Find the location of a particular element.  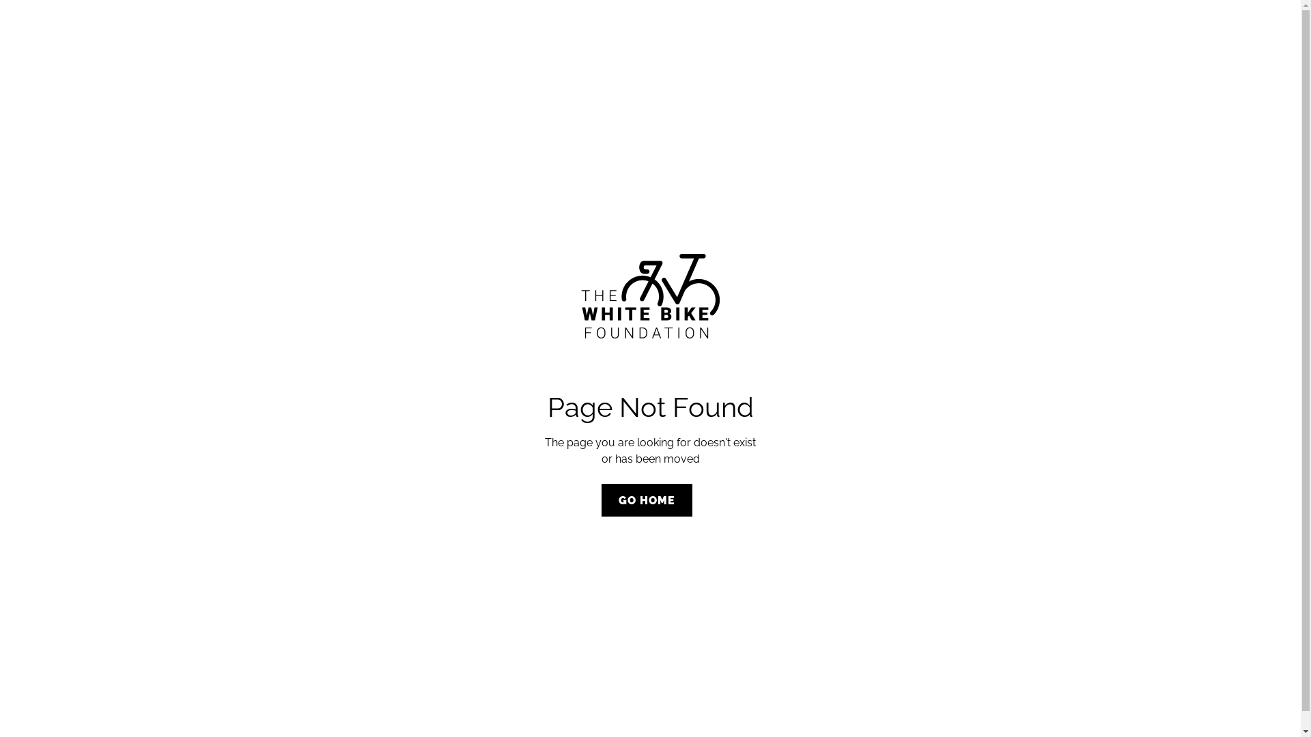

'GO HOME' is located at coordinates (646, 500).